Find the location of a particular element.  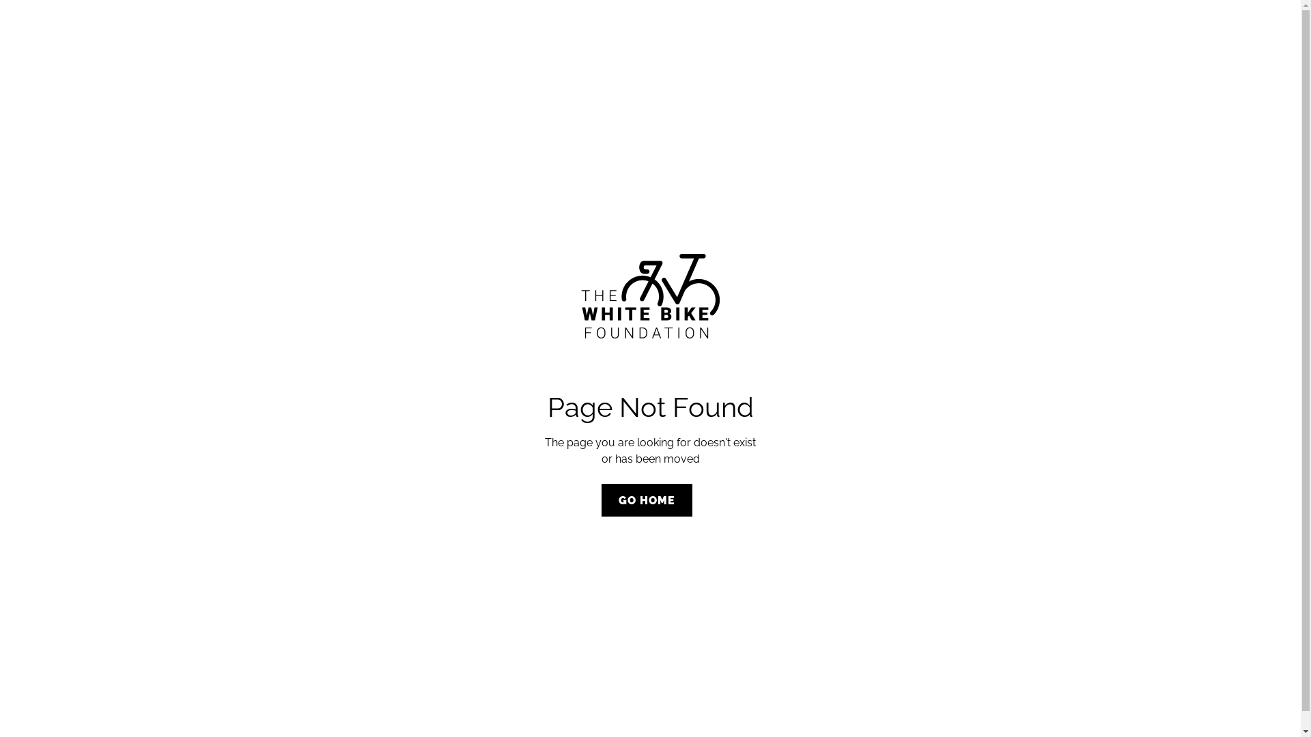

'GO HOME' is located at coordinates (646, 500).